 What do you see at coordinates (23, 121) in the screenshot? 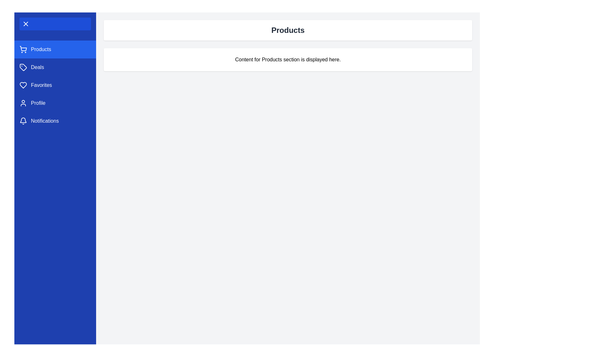
I see `the bell icon in the left sidebar menu, which is part of the 'Notifications' entry` at bounding box center [23, 121].